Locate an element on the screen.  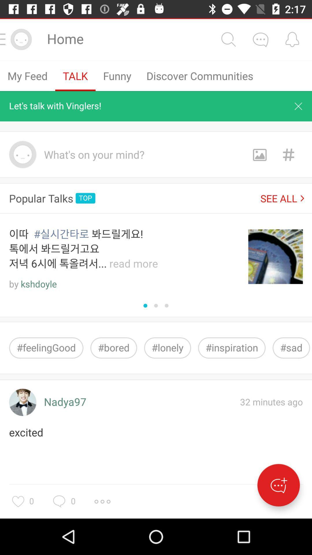
item next to 32 minutes ago is located at coordinates (65, 402).